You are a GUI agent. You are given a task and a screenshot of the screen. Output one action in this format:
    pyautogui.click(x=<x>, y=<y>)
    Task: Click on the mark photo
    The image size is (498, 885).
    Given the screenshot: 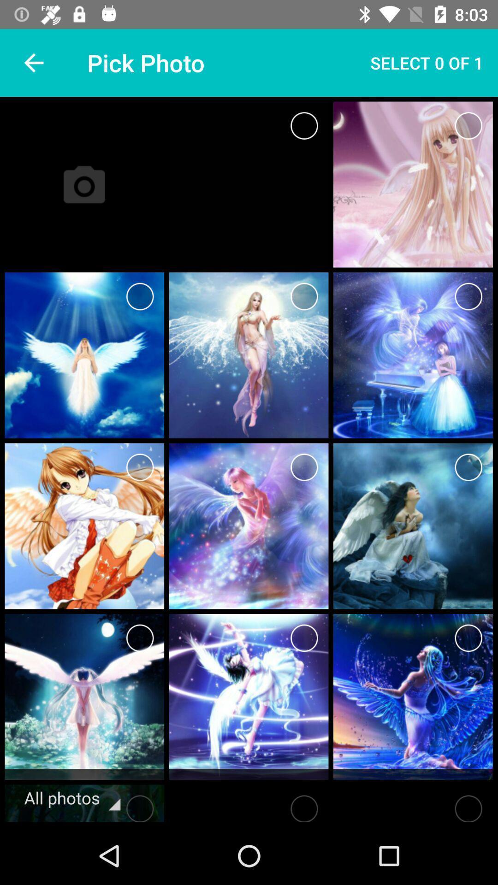 What is the action you would take?
    pyautogui.click(x=140, y=637)
    